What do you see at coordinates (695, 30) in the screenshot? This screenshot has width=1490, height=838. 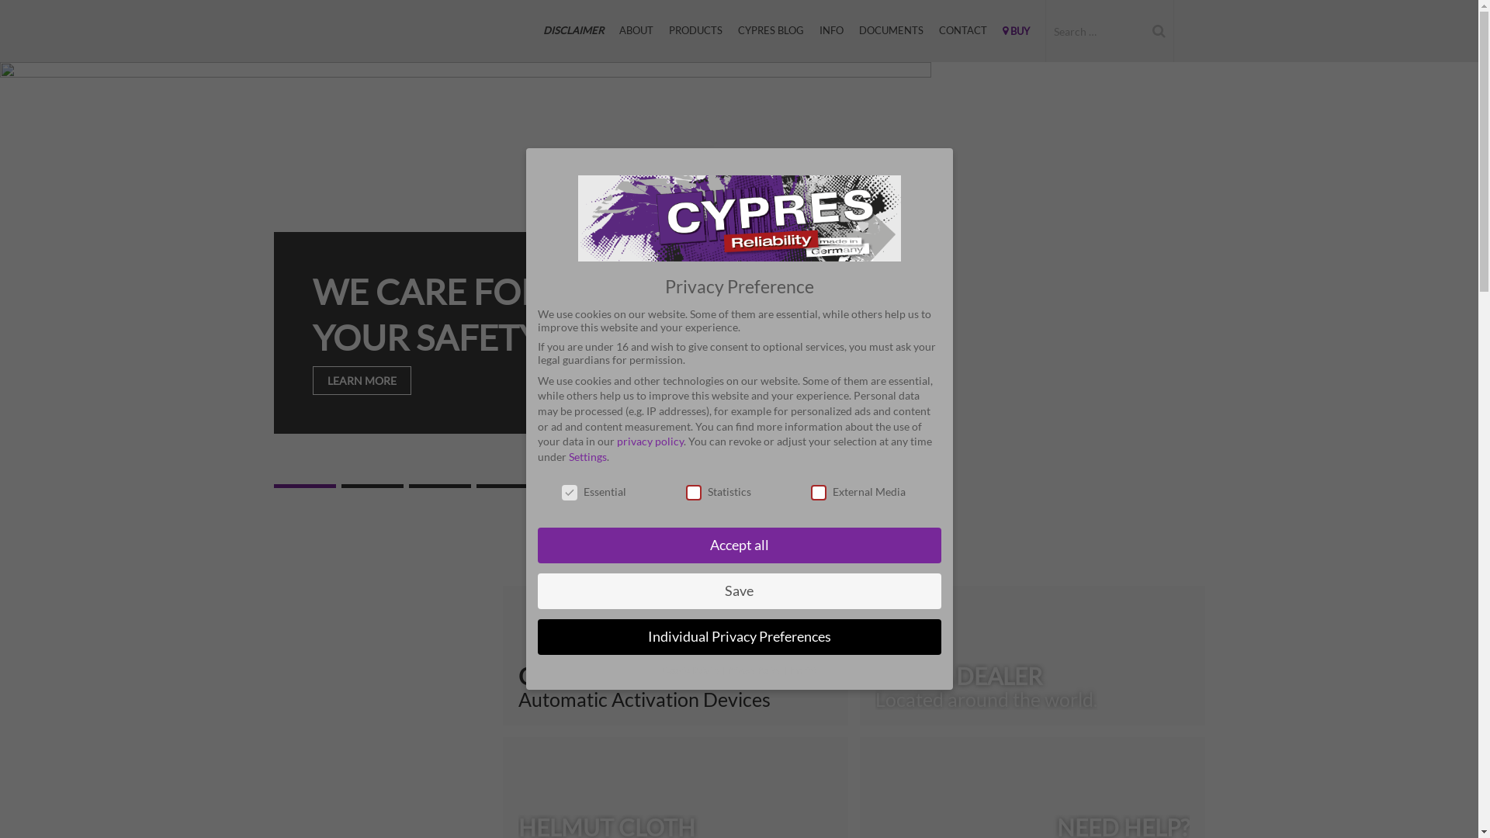 I see `'PRODUCTS'` at bounding box center [695, 30].